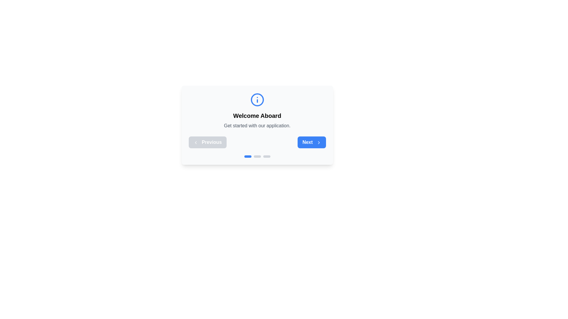  What do you see at coordinates (257, 100) in the screenshot?
I see `the minimalistic information icon, which is a circular outline with a blue border and a lowercase 'i' inside, positioned at the top-center of the card-like interface above the text 'Welcome Aboard'` at bounding box center [257, 100].